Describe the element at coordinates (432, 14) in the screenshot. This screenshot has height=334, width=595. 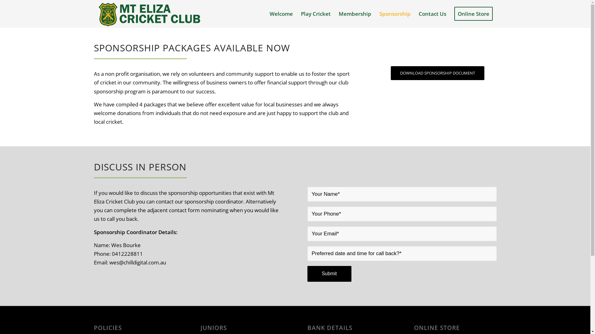
I see `'Contact Us'` at that location.